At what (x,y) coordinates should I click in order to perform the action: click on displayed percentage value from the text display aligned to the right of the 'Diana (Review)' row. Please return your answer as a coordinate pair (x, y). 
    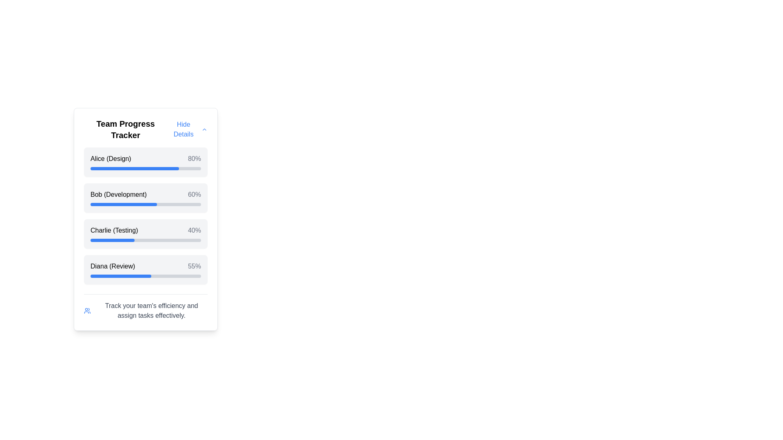
    Looking at the image, I should click on (194, 266).